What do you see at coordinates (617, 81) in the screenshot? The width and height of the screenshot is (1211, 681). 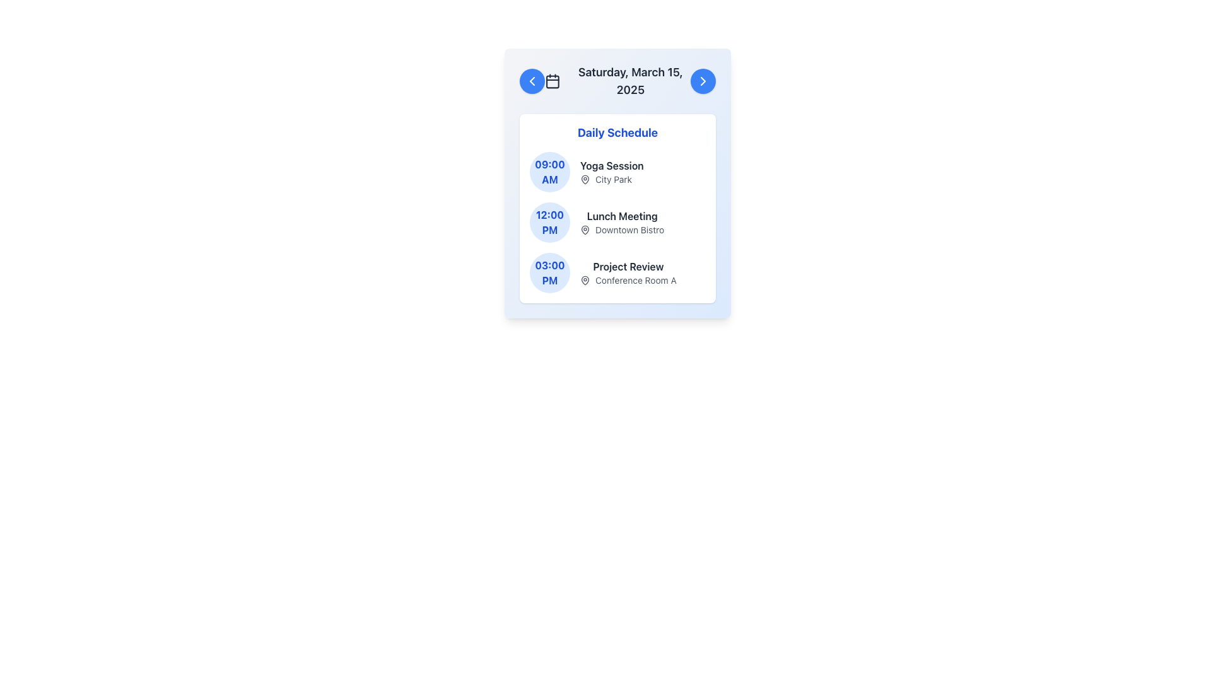 I see `the Text Label with Icon that displays the currently selected date, which is centrally located between the left and right arrow buttons` at bounding box center [617, 81].